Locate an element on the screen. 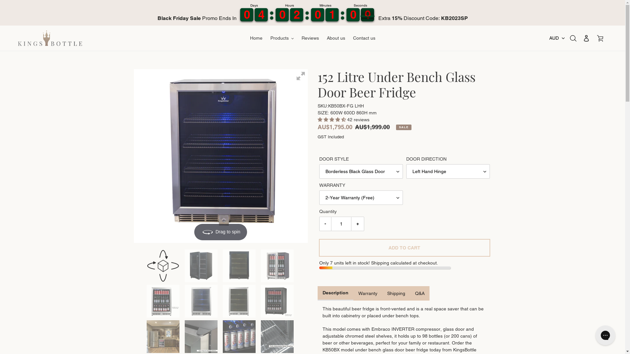 The image size is (630, 354). 'About us' is located at coordinates (336, 38).